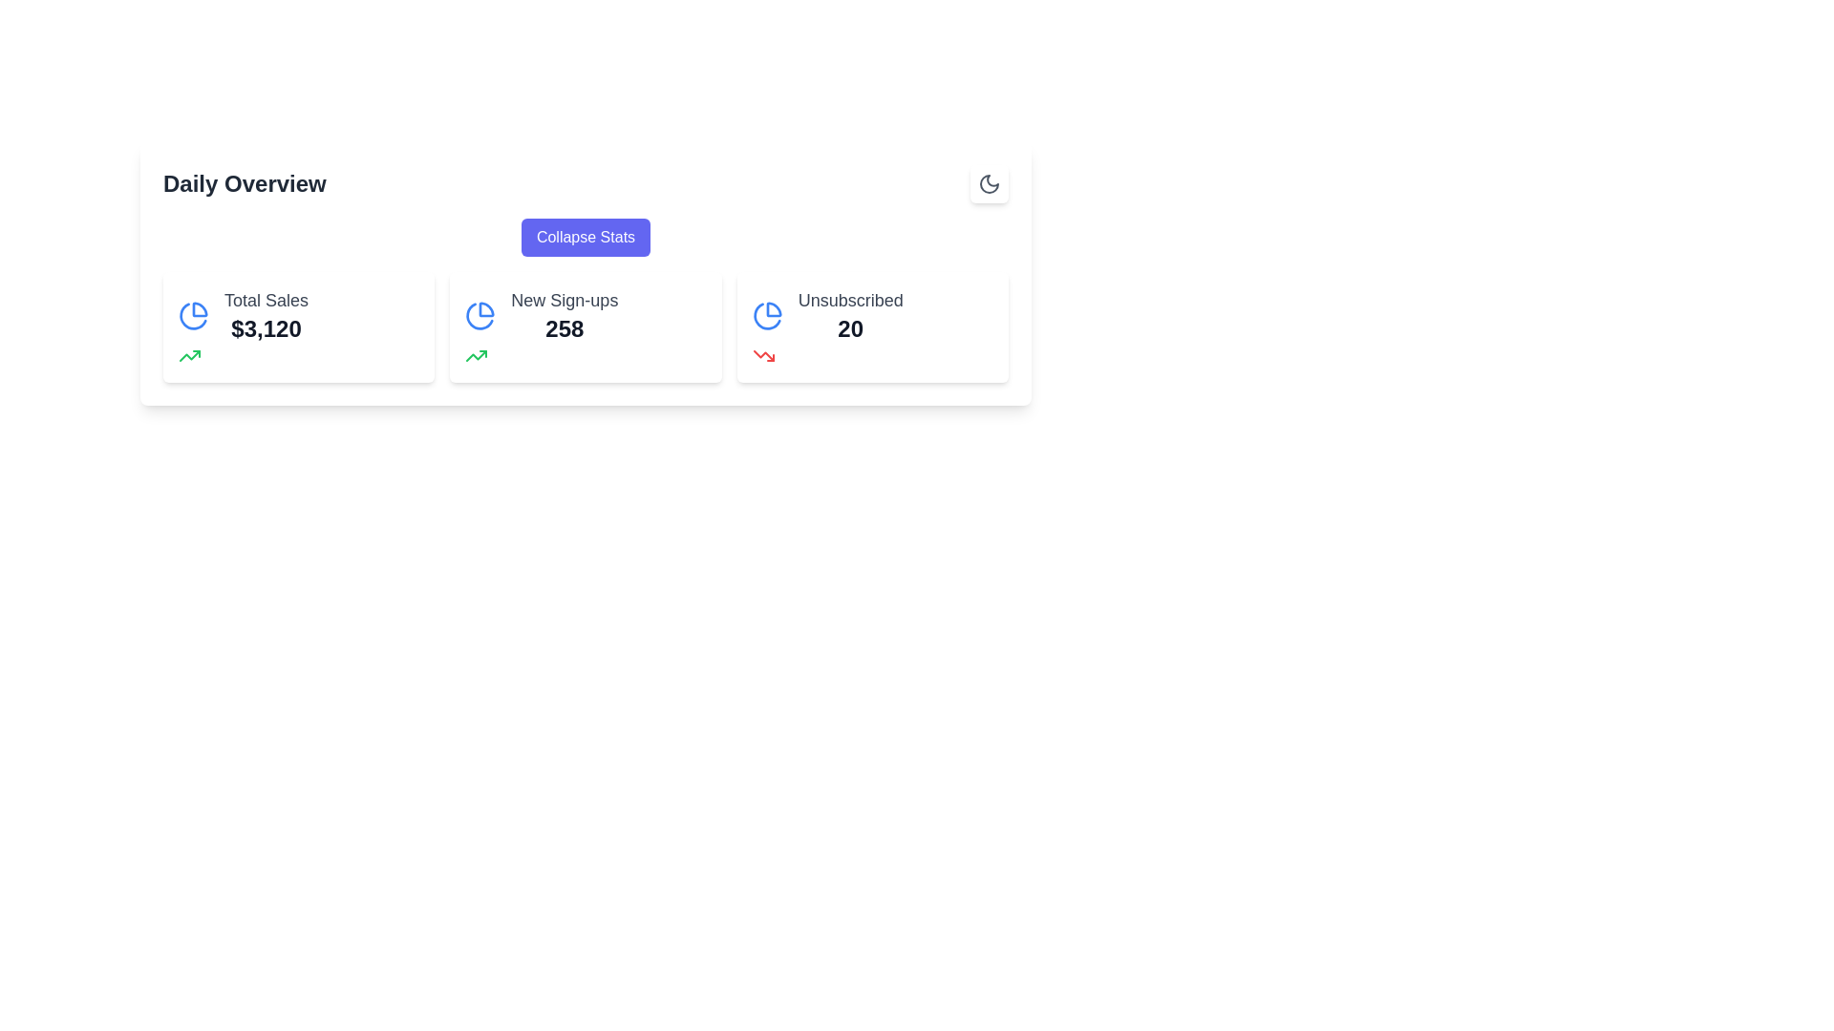  Describe the element at coordinates (189, 356) in the screenshot. I see `the upward trend icon representing 'New Sign-ups' located within the Daily Overview section of the card` at that location.